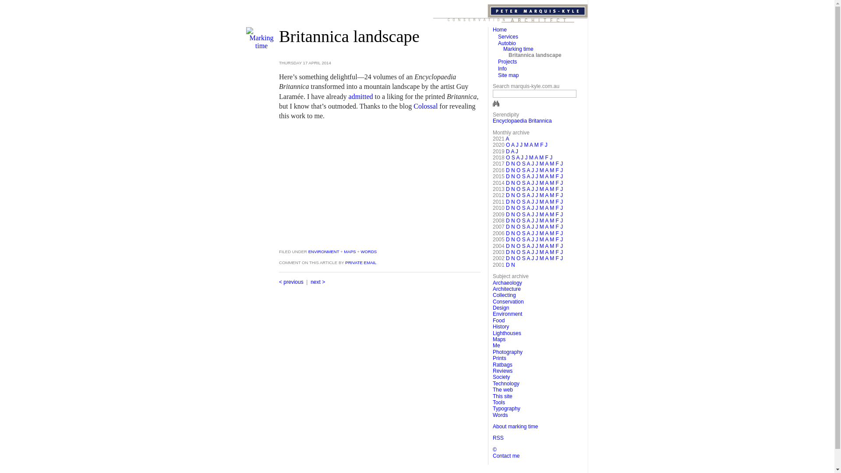 This screenshot has height=473, width=841. Describe the element at coordinates (513, 252) in the screenshot. I see `'N'` at that location.